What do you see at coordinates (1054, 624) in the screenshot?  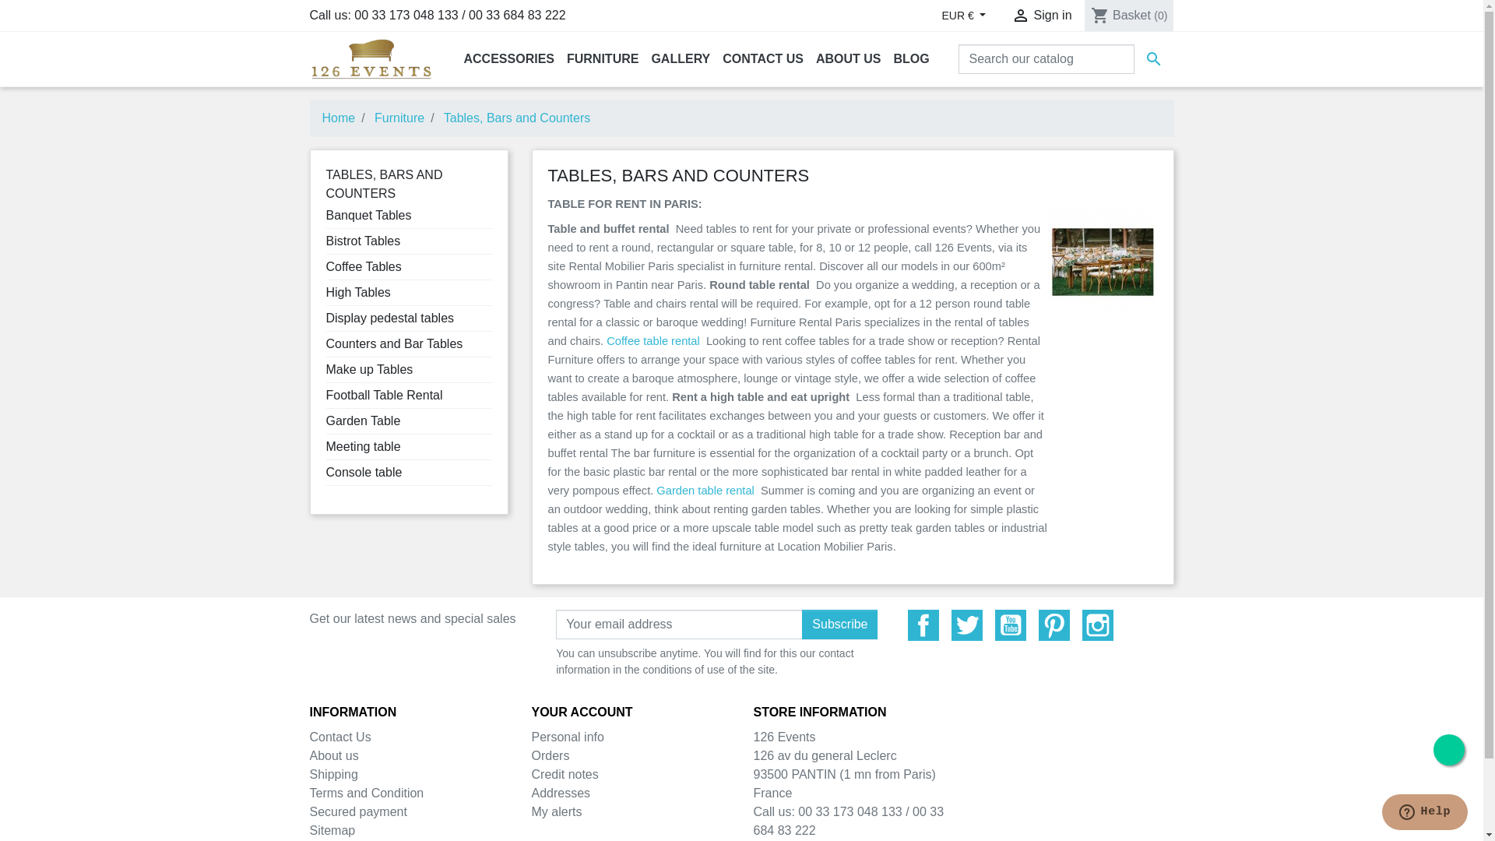 I see `'Pinterest'` at bounding box center [1054, 624].